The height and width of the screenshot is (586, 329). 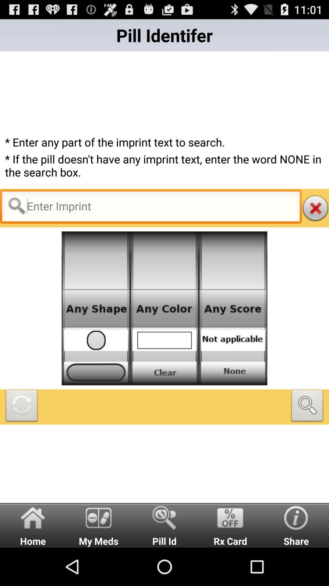 I want to click on the text pill id, so click(x=164, y=525).